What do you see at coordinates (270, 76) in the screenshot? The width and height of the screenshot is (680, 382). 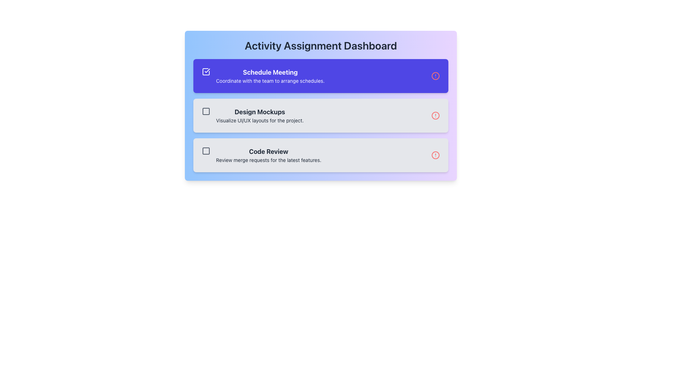 I see `the first item in the task list on the 'Activity Assignment Dashboard', which displays the title and description of a task` at bounding box center [270, 76].